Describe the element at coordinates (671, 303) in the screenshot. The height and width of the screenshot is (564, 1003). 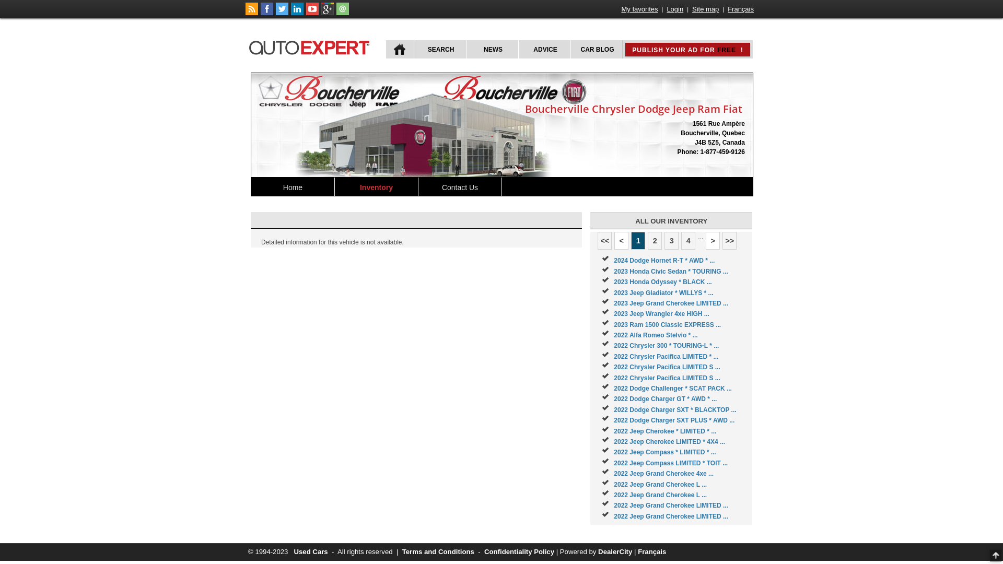
I see `'2023 Jeep Grand Cherokee LIMITED ...'` at that location.